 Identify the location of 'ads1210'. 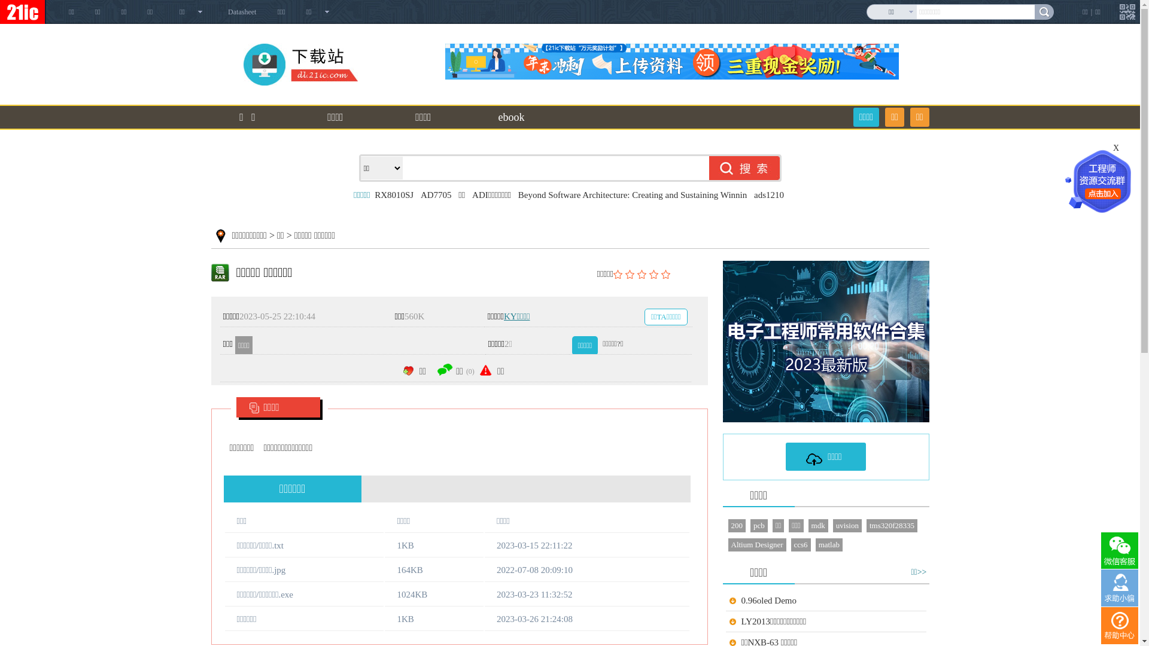
(769, 194).